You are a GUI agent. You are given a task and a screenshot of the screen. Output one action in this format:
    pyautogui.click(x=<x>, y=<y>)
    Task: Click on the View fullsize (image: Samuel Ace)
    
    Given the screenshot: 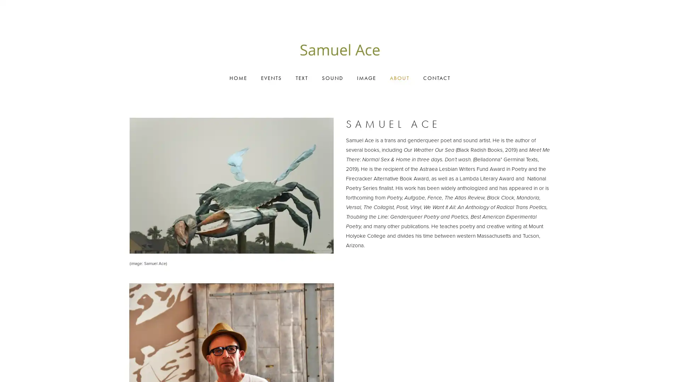 What is the action you would take?
    pyautogui.click(x=231, y=185)
    